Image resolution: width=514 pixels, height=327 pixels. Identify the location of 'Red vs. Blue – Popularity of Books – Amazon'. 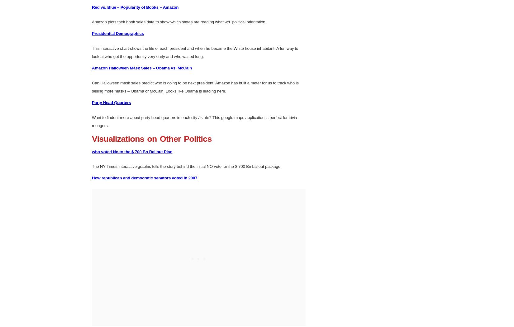
(135, 103).